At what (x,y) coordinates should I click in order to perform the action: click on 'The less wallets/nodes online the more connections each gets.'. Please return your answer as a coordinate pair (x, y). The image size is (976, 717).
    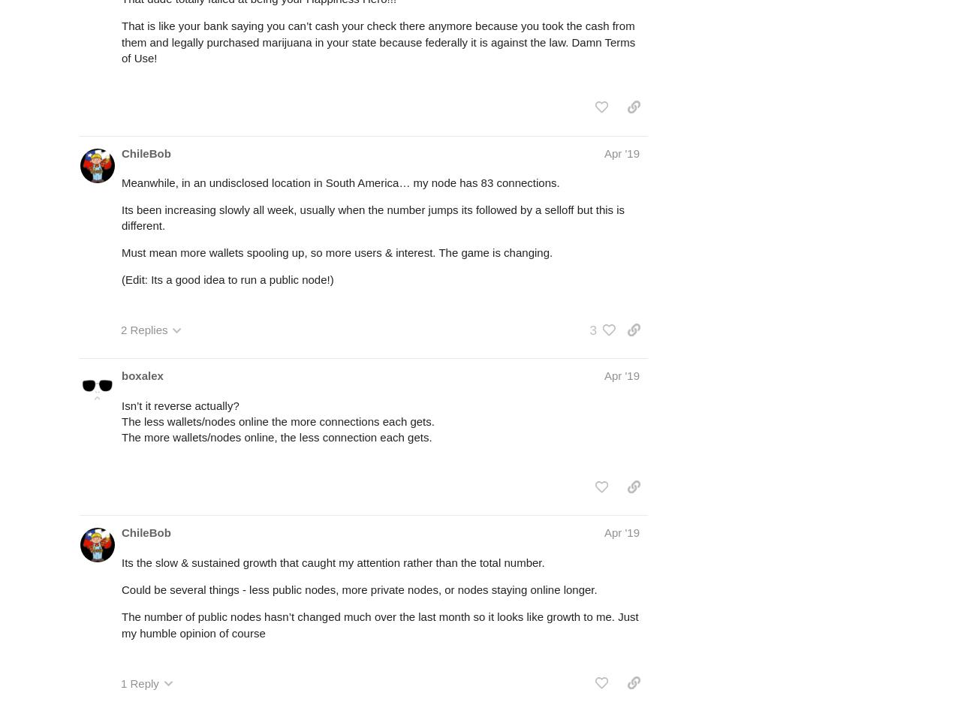
    Looking at the image, I should click on (120, 421).